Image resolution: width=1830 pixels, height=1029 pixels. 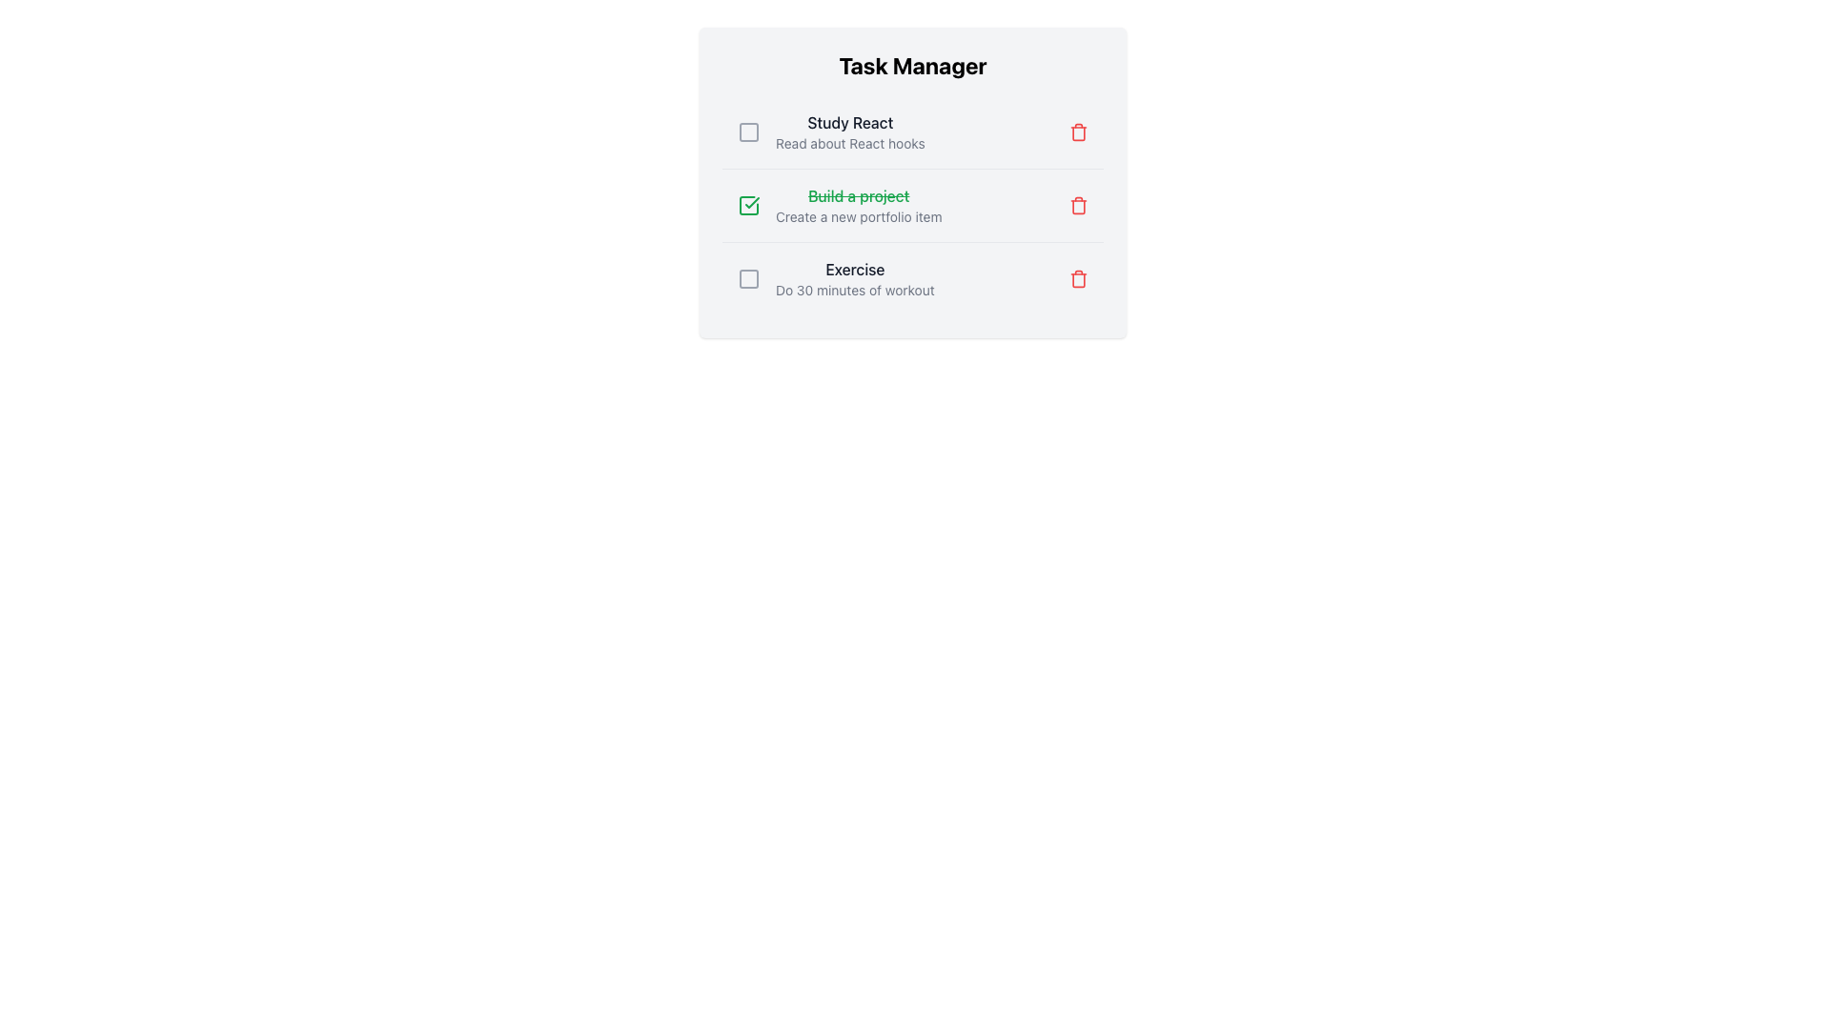 I want to click on the gray square checkbox located on the leftmost side of the row for the task 'Exercise - Do 30 minutes of workout', so click(x=748, y=279).